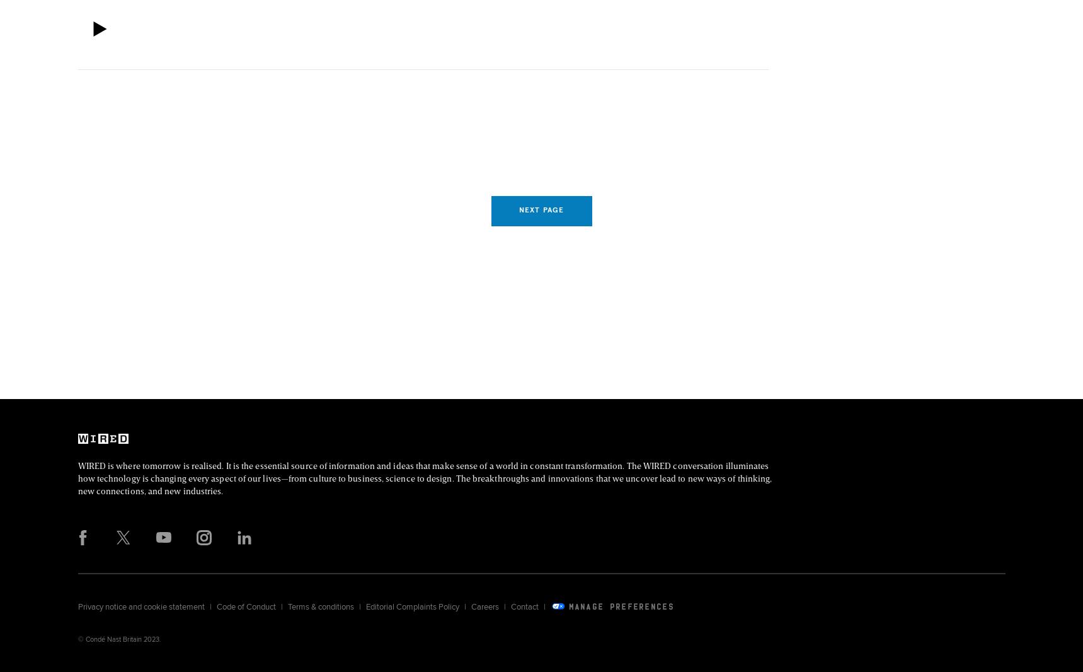  Describe the element at coordinates (140, 605) in the screenshot. I see `'Privacy notice and cookie statement'` at that location.